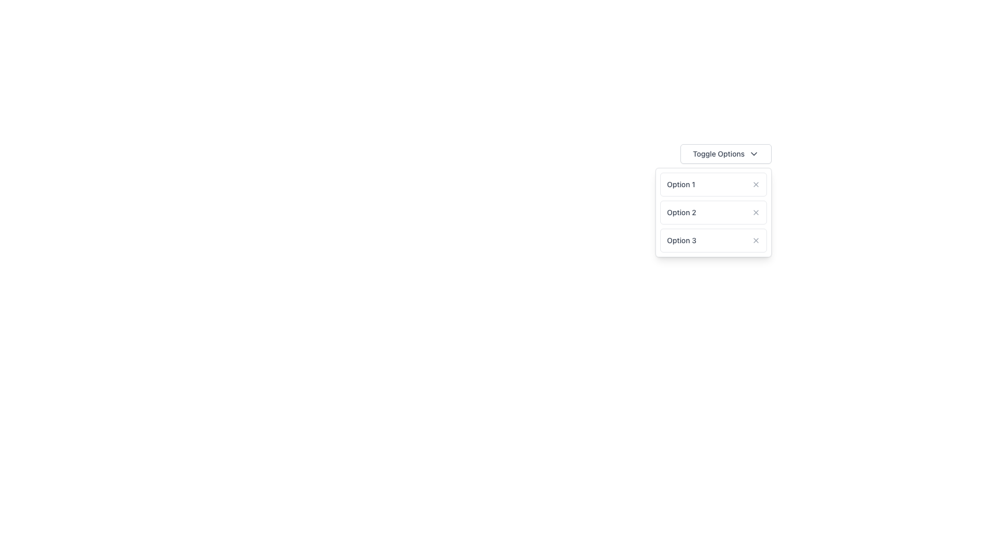 The height and width of the screenshot is (560, 995). Describe the element at coordinates (756, 184) in the screenshot. I see `the close button located at the rightmost side of the 'Option 1' item` at that location.